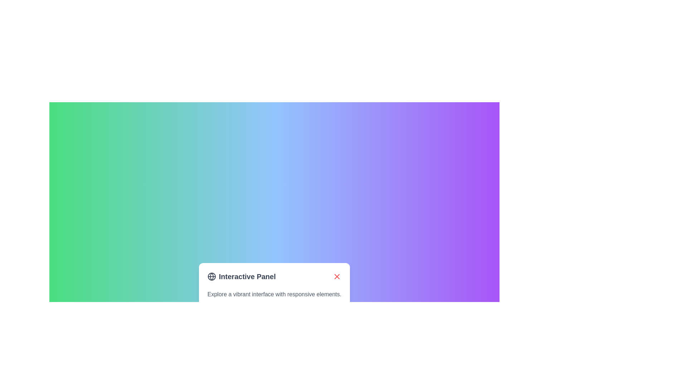 This screenshot has width=687, height=386. Describe the element at coordinates (337, 276) in the screenshot. I see `the close or dismiss icon button located at the top-right of the interactive panel` at that location.